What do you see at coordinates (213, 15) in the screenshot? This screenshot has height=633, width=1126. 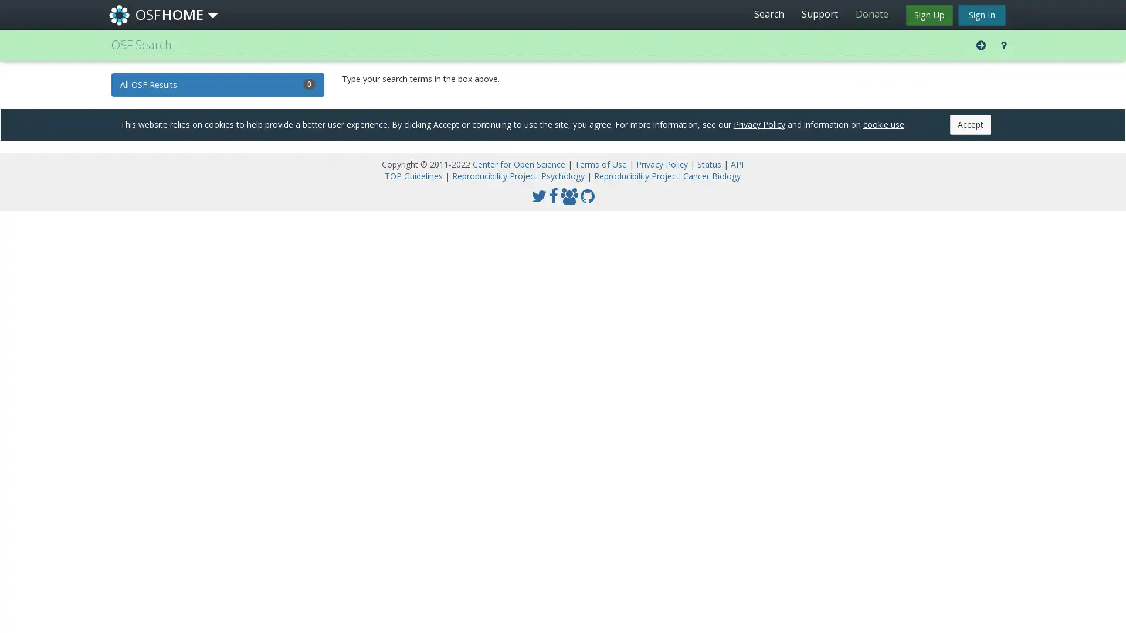 I see `Toggle primary navigation` at bounding box center [213, 15].